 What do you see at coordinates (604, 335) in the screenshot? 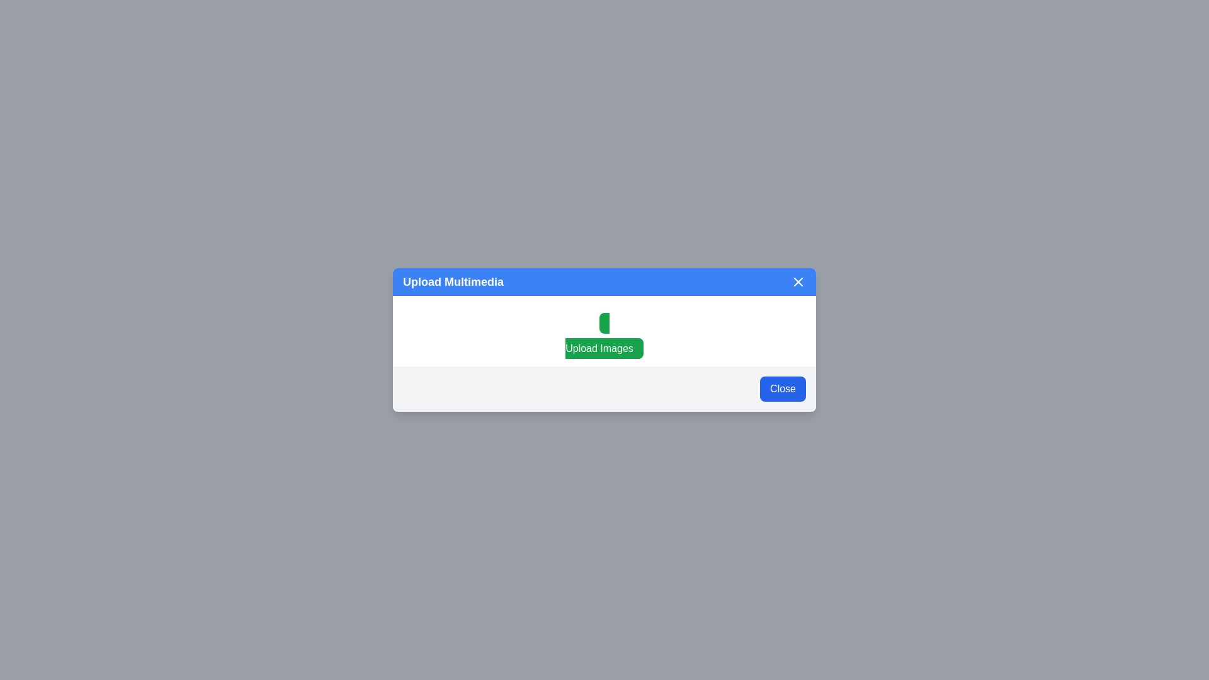
I see `the green rectangular button labeled 'Upload Images' with an upward arrow icon` at bounding box center [604, 335].